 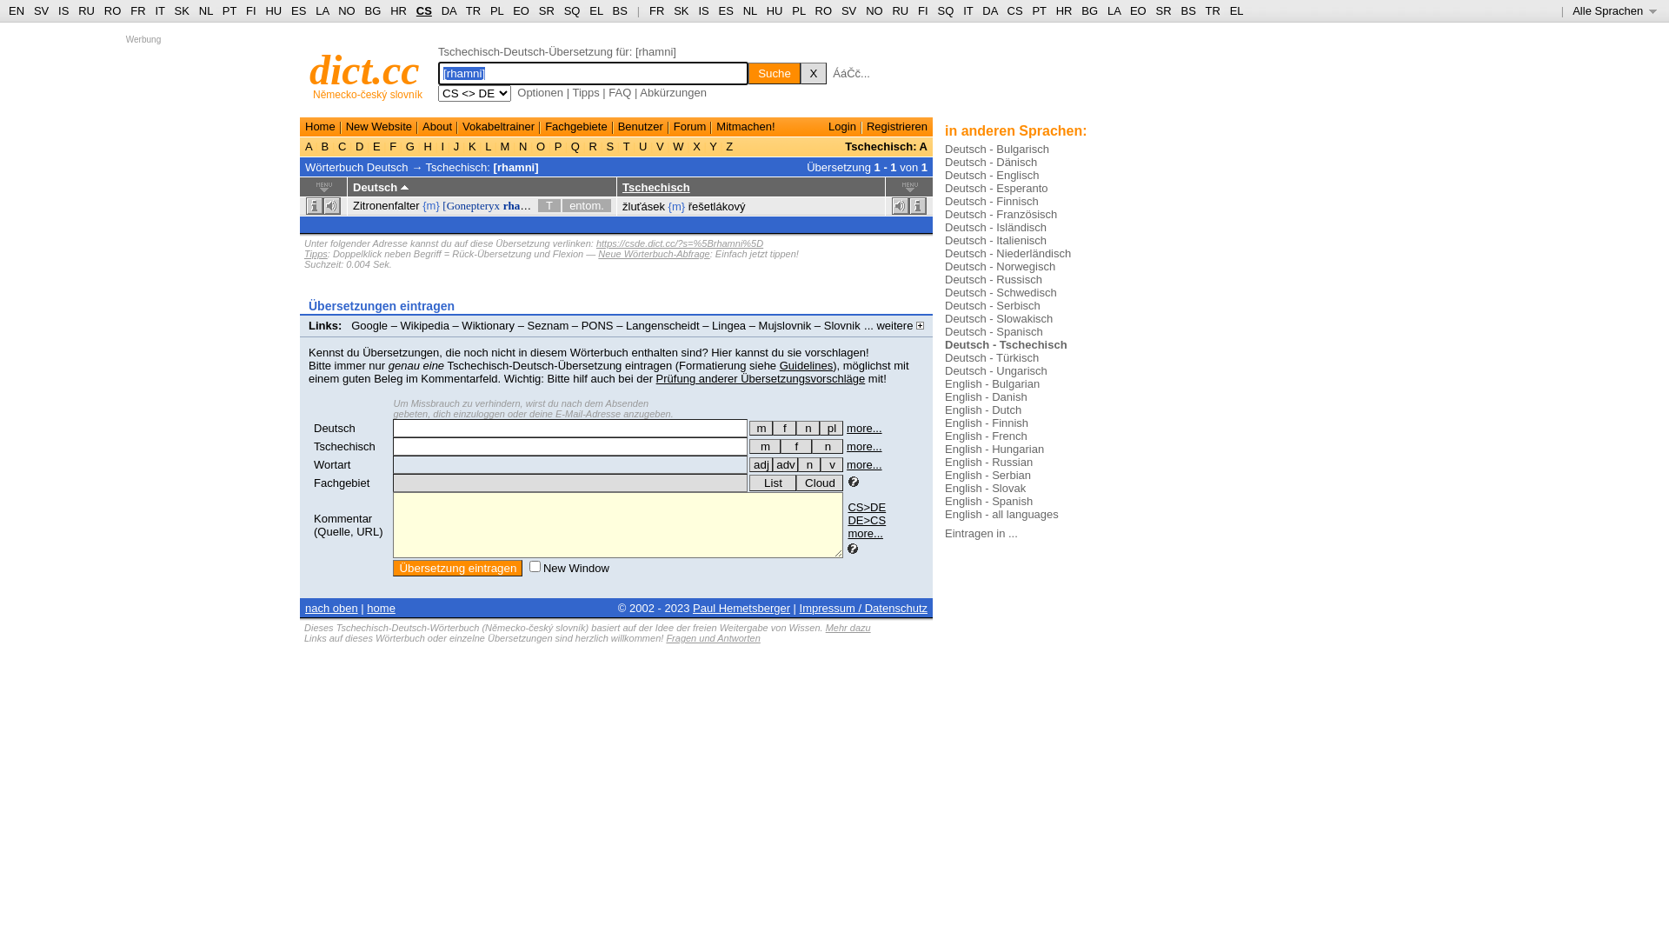 I want to click on 'CS>DE', so click(x=867, y=507).